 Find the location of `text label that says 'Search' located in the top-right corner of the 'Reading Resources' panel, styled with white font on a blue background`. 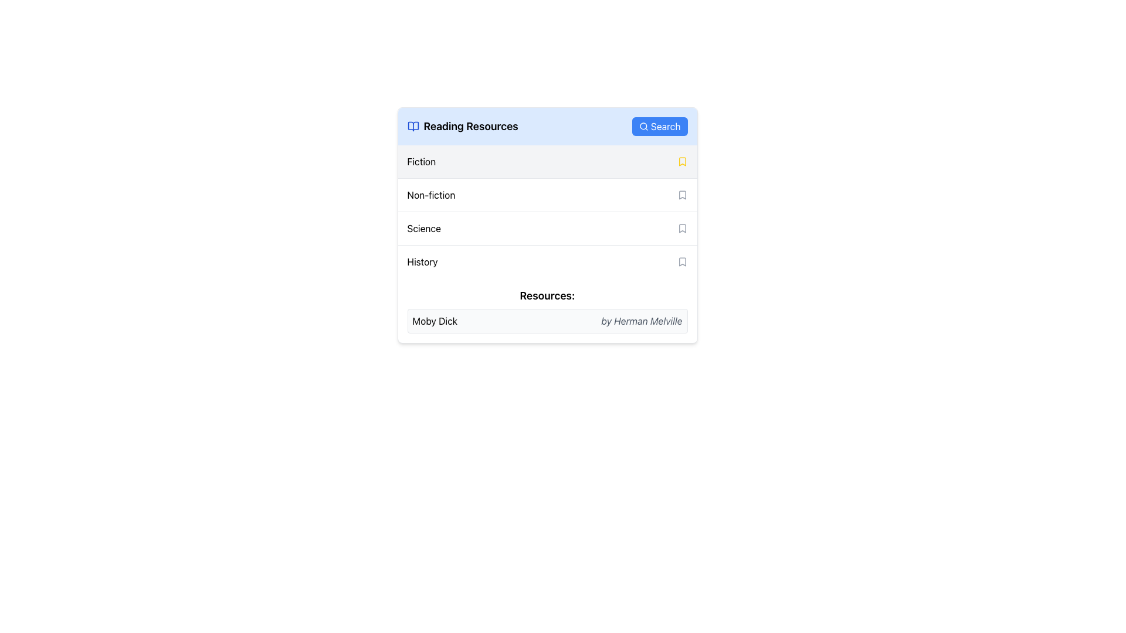

text label that says 'Search' located in the top-right corner of the 'Reading Resources' panel, styled with white font on a blue background is located at coordinates (666, 127).